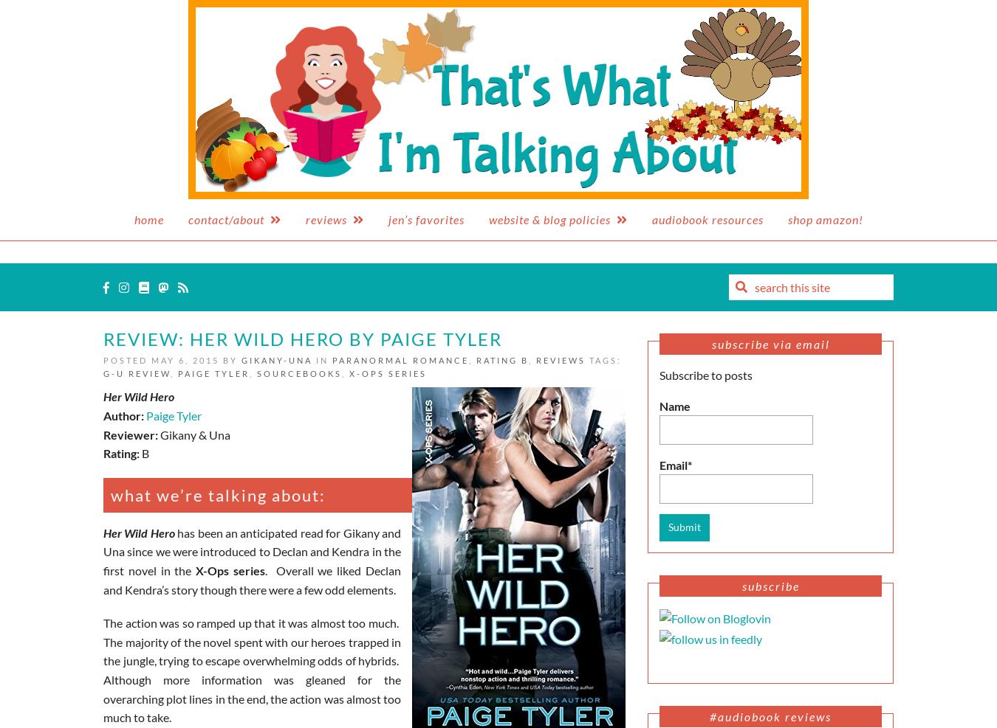 The width and height of the screenshot is (997, 728). I want to click on 'Reviewer:', so click(130, 433).